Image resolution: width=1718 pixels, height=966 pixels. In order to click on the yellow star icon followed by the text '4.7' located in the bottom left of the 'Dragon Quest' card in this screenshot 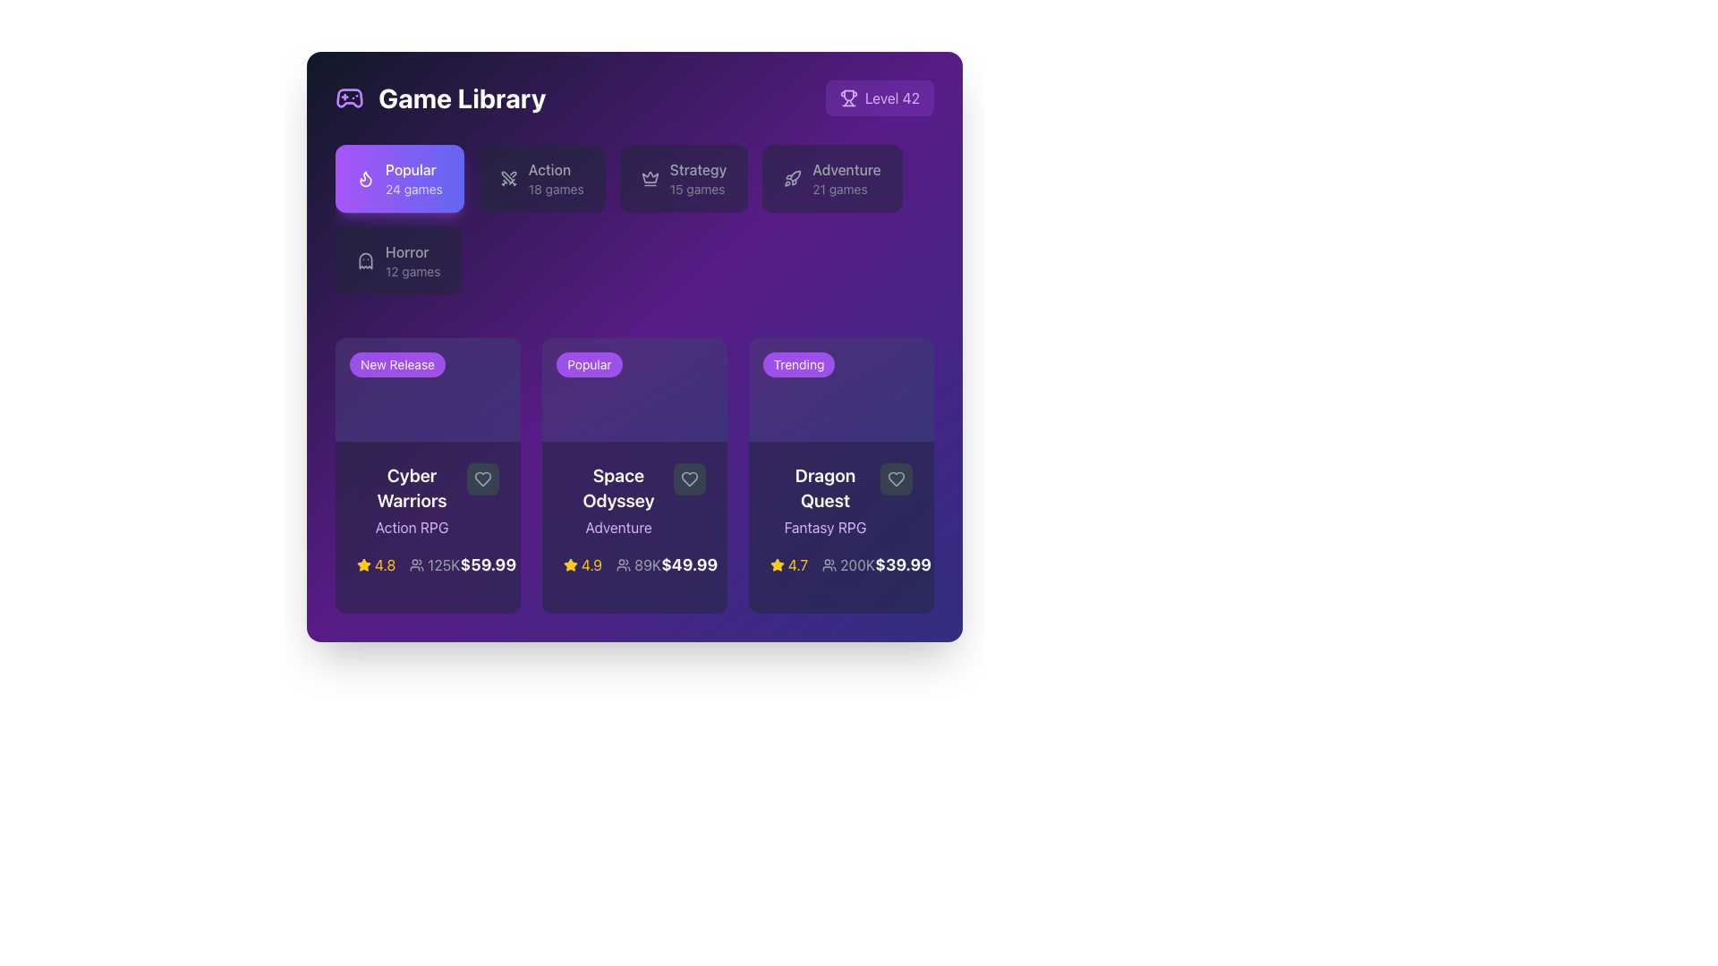, I will do `click(788, 565)`.